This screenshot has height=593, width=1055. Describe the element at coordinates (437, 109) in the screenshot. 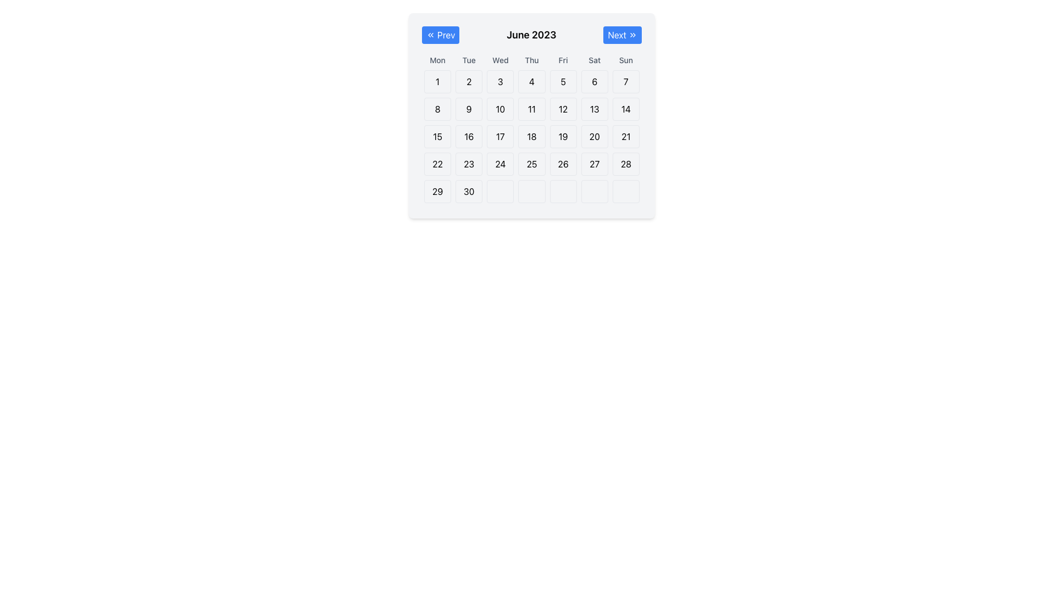

I see `the rectangular button labeled '8' located` at that location.